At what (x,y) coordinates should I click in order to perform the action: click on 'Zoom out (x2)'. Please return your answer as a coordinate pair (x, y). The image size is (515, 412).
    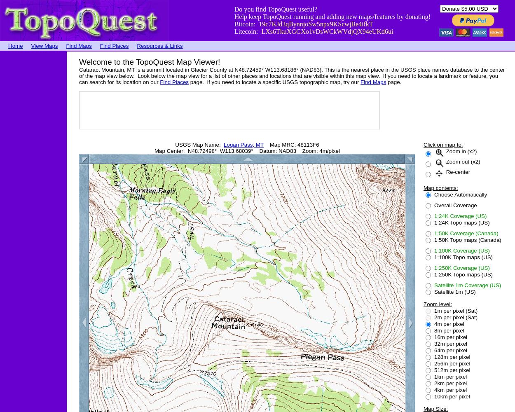
    Looking at the image, I should click on (444, 161).